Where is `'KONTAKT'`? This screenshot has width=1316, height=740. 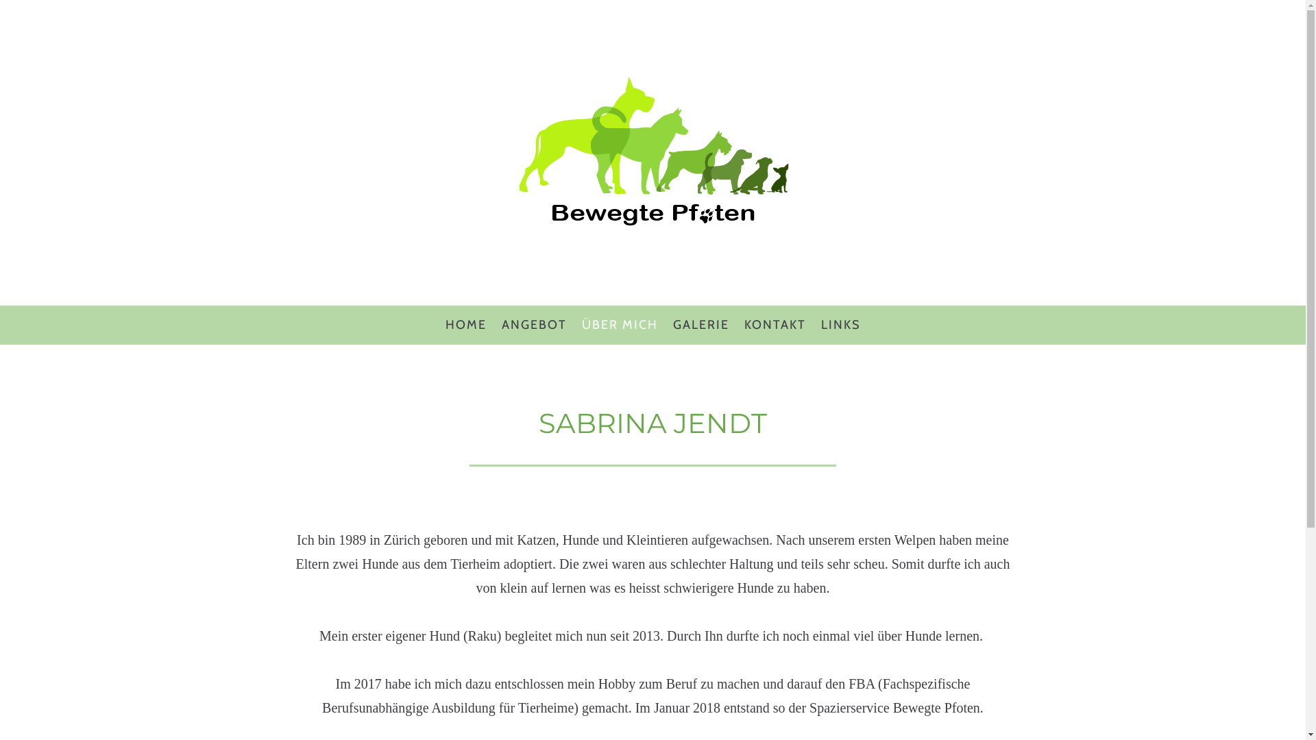 'KONTAKT' is located at coordinates (774, 325).